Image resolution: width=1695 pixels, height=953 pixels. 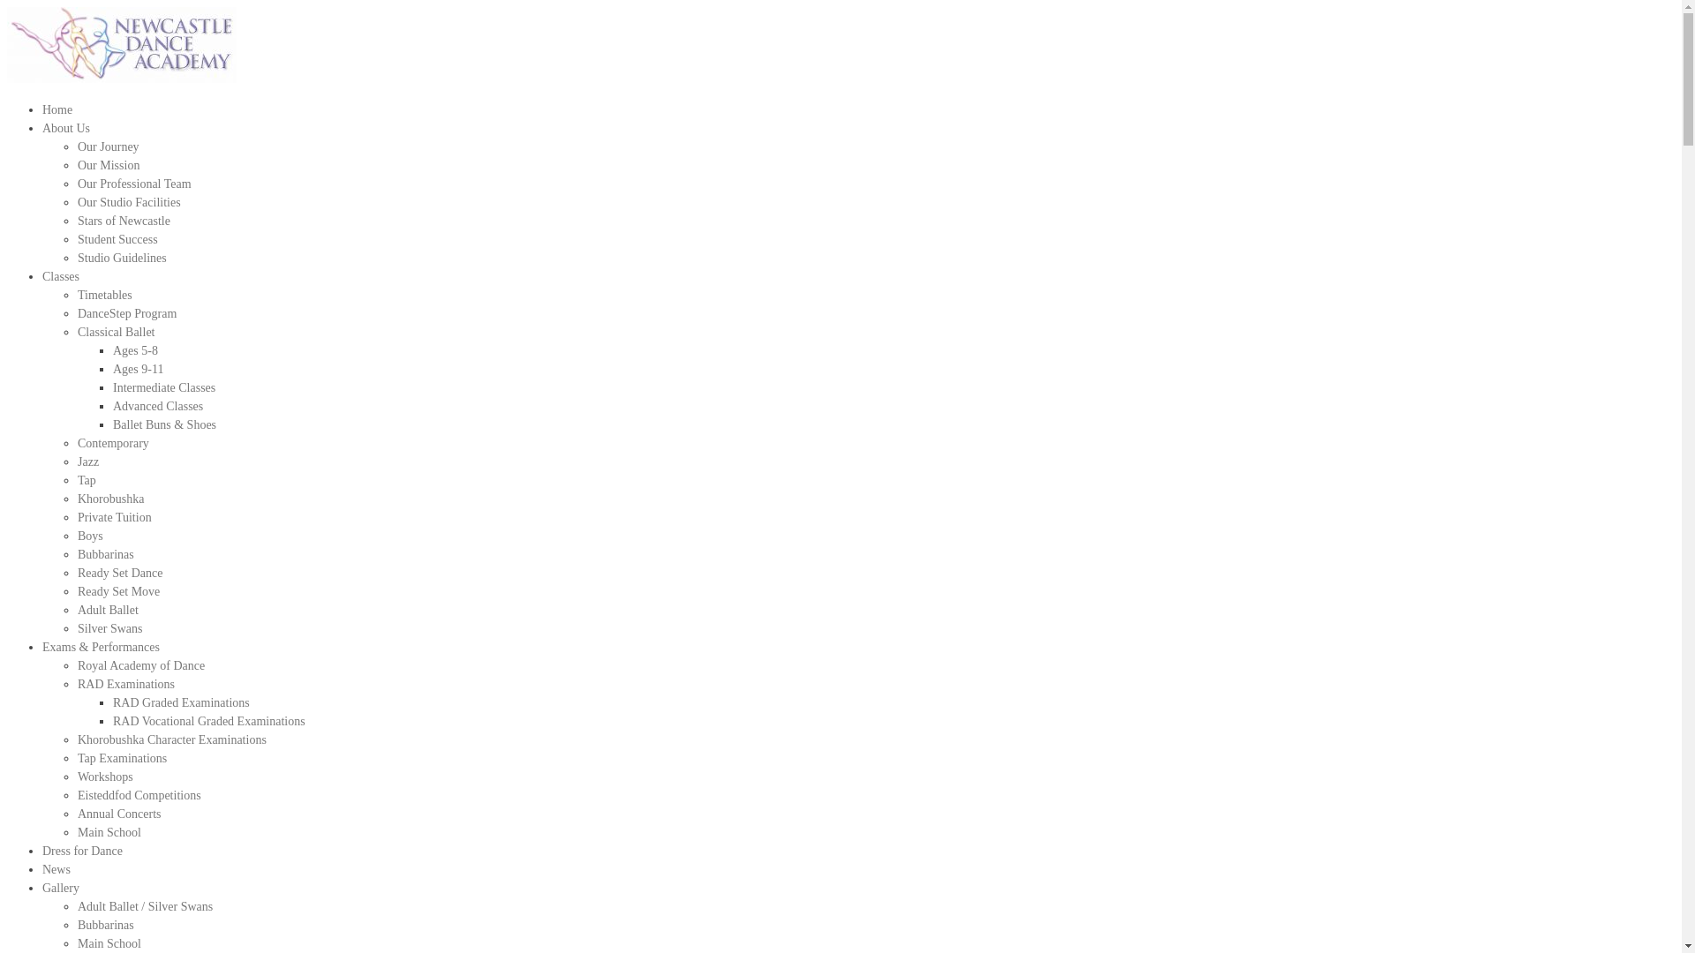 I want to click on 'Our Studio Facilities', so click(x=128, y=201).